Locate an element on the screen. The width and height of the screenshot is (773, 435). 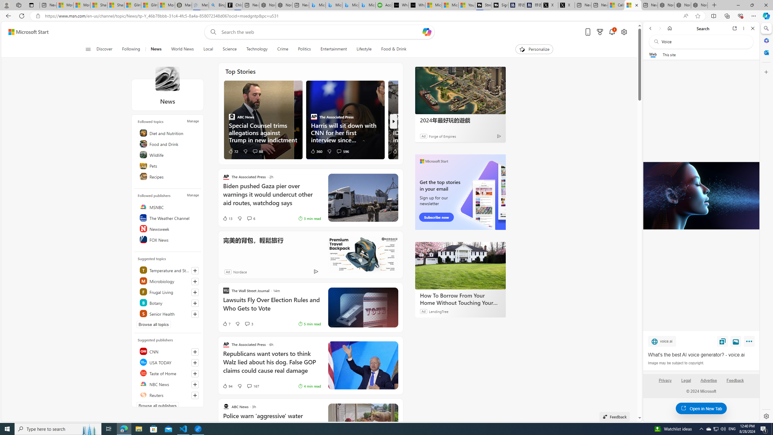
'Entertainment' is located at coordinates (333, 49).